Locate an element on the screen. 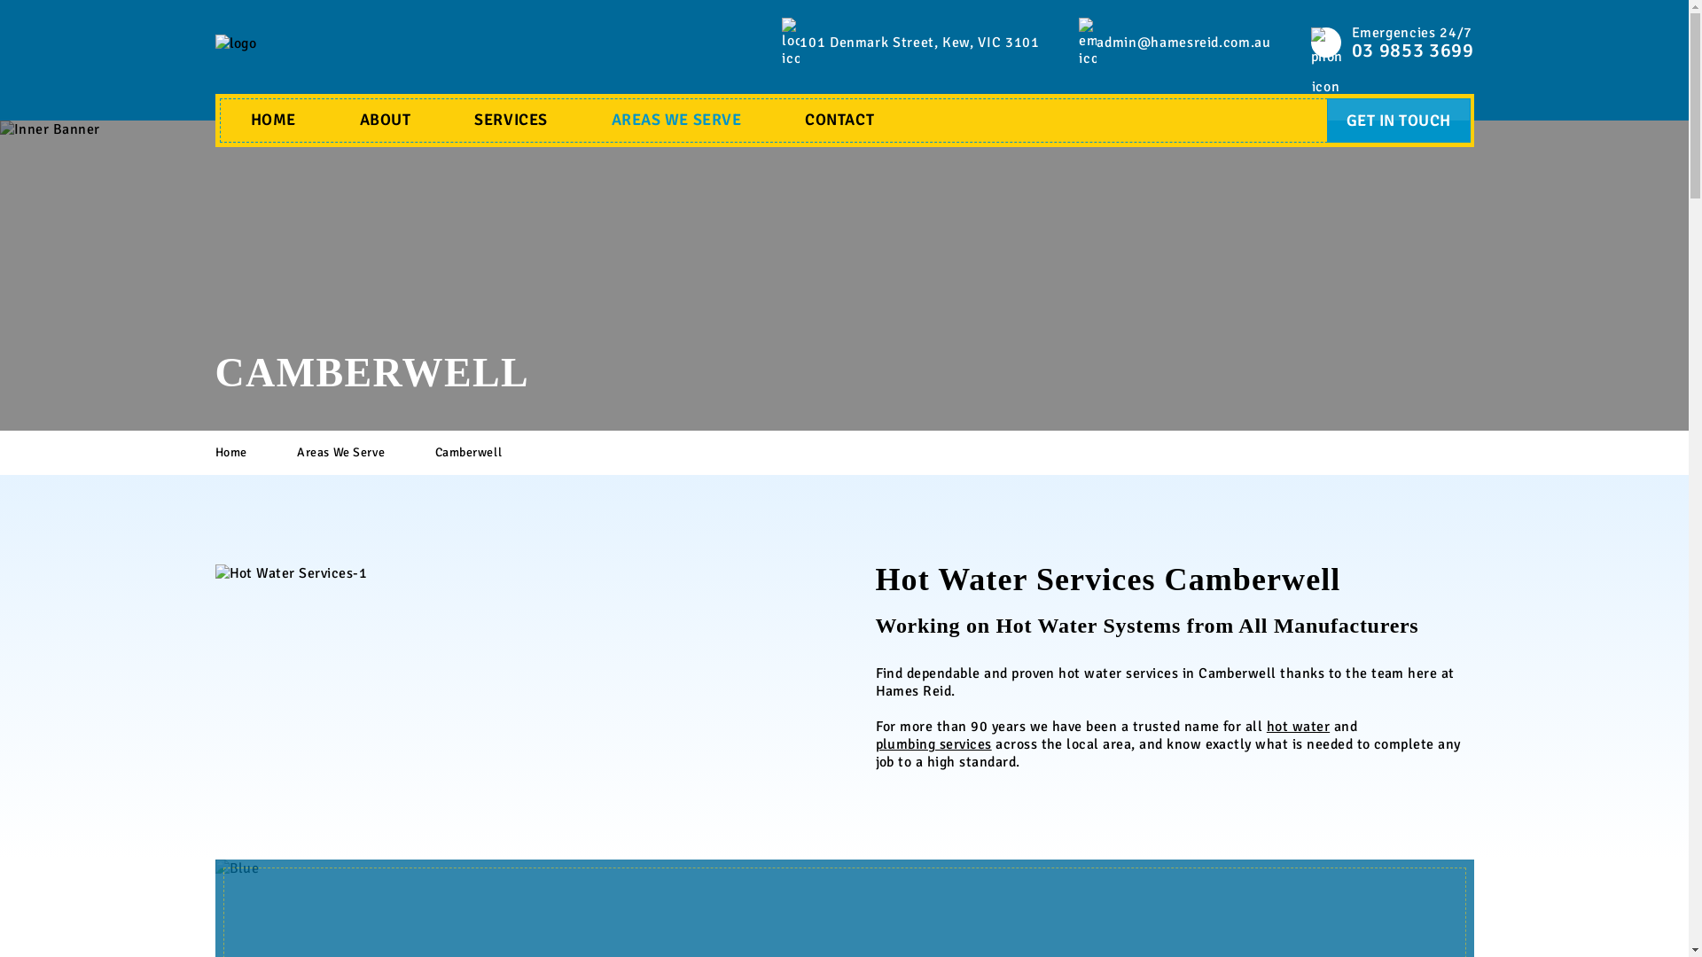 This screenshot has width=1702, height=957. 'Areas We Serve' is located at coordinates (363, 451).